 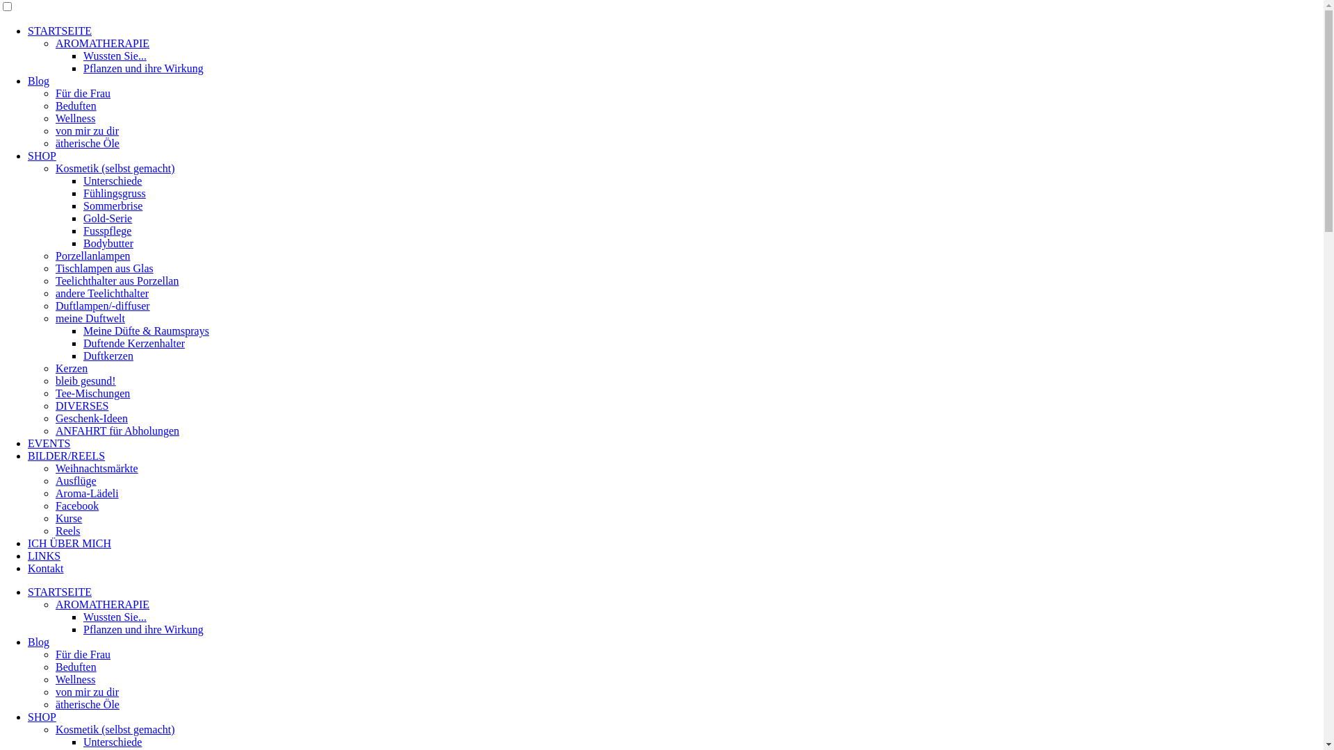 I want to click on 'Wellness', so click(x=56, y=678).